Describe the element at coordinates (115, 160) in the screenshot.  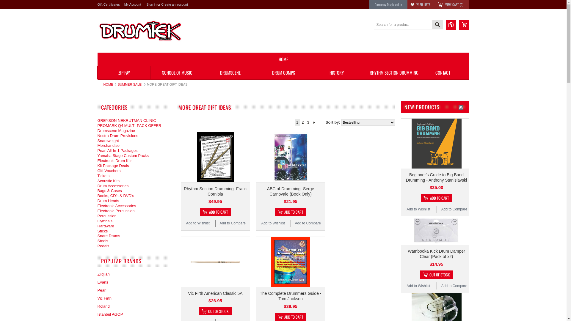
I see `'Electronic Drum Kits'` at that location.